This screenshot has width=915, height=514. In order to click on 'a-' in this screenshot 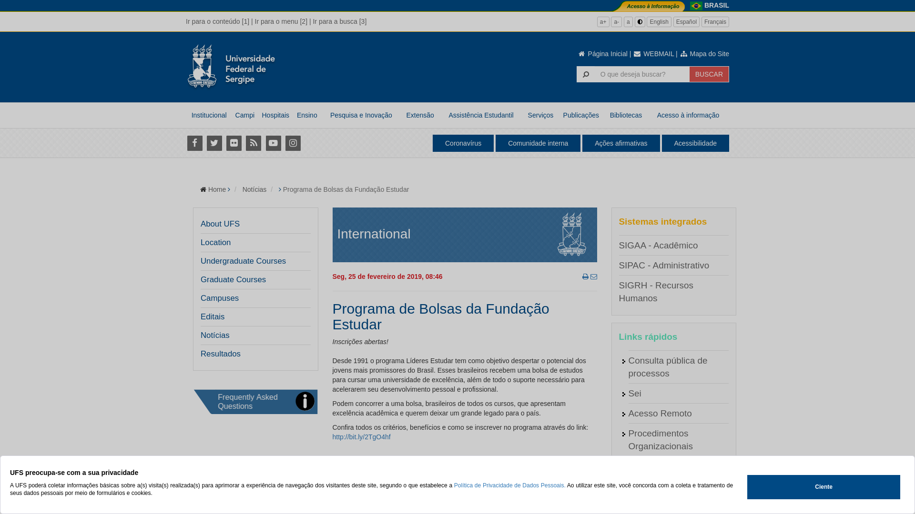, I will do `click(610, 21)`.